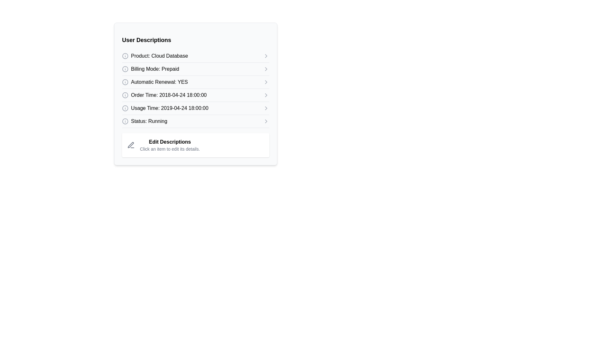 The height and width of the screenshot is (344, 612). I want to click on the rightward-pointing Chevron icon that indicates expandable content, located next to the 'Usage Time: 2019-04-24 18:00:00' row, so click(266, 108).